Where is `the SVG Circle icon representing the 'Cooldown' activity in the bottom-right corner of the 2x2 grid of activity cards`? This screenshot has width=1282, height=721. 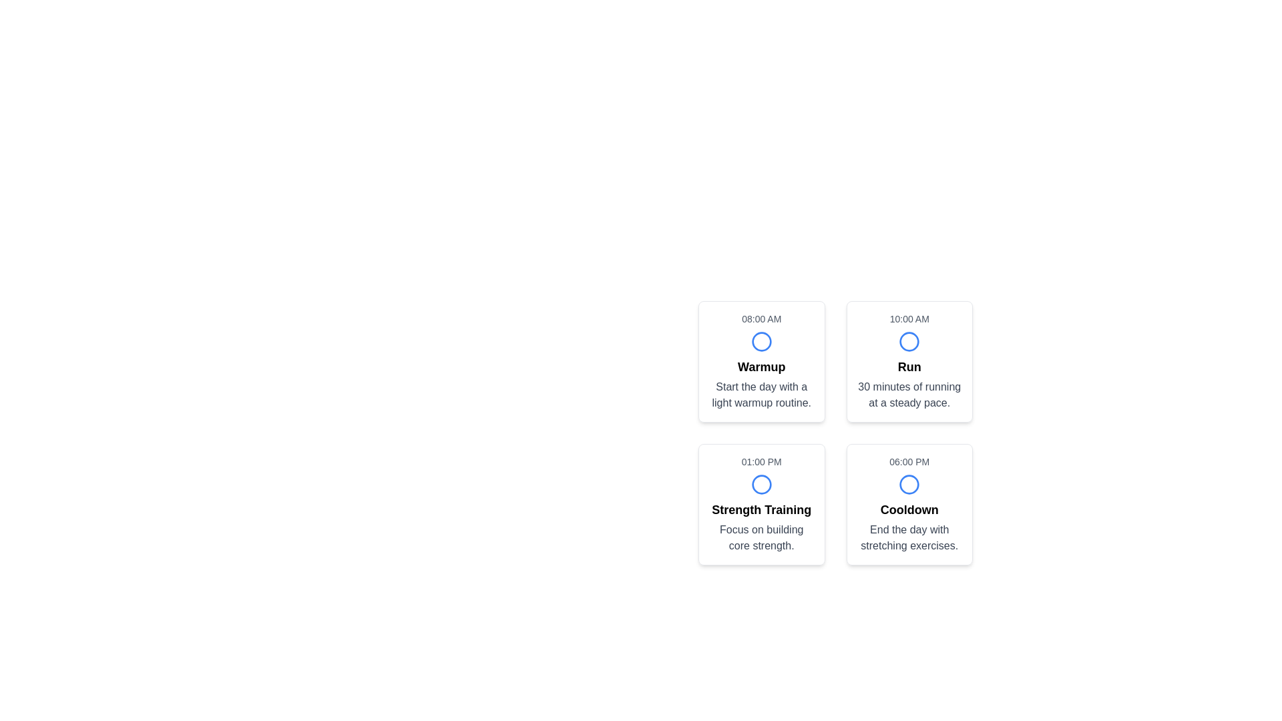
the SVG Circle icon representing the 'Cooldown' activity in the bottom-right corner of the 2x2 grid of activity cards is located at coordinates (909, 484).